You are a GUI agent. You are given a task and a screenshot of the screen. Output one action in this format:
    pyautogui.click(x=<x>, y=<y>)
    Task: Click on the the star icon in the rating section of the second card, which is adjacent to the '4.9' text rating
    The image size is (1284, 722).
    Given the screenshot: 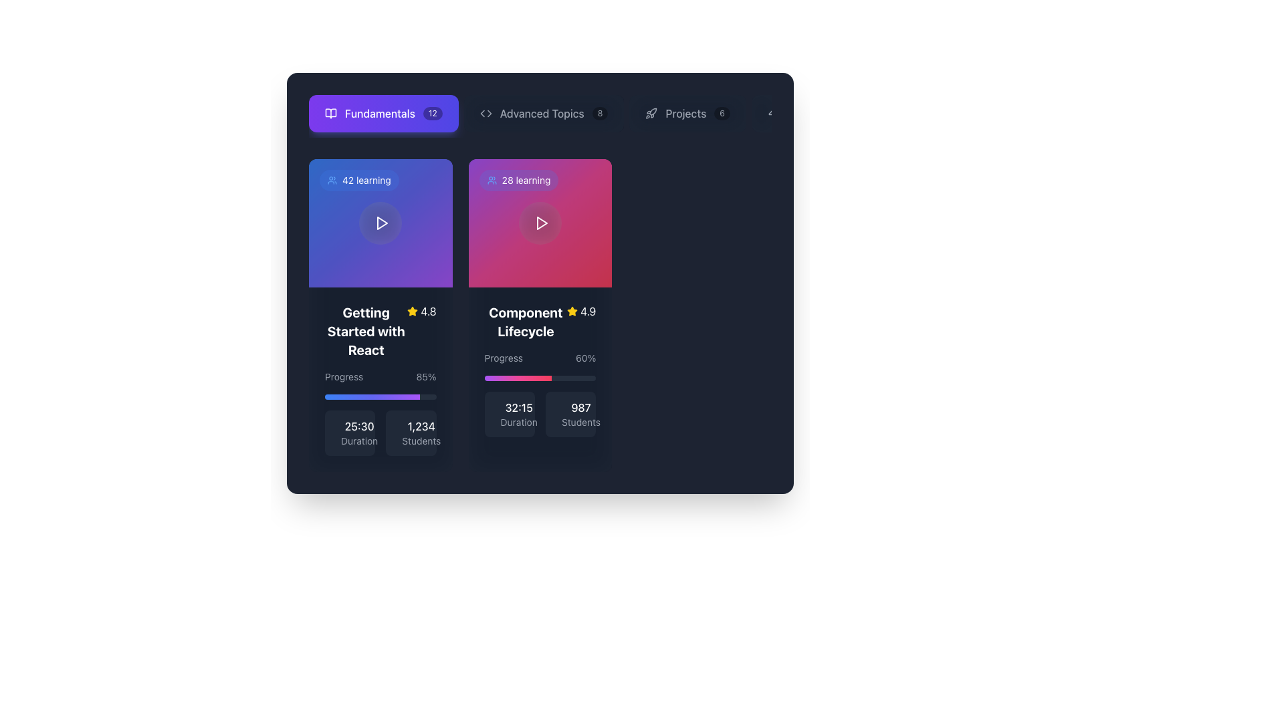 What is the action you would take?
    pyautogui.click(x=572, y=312)
    